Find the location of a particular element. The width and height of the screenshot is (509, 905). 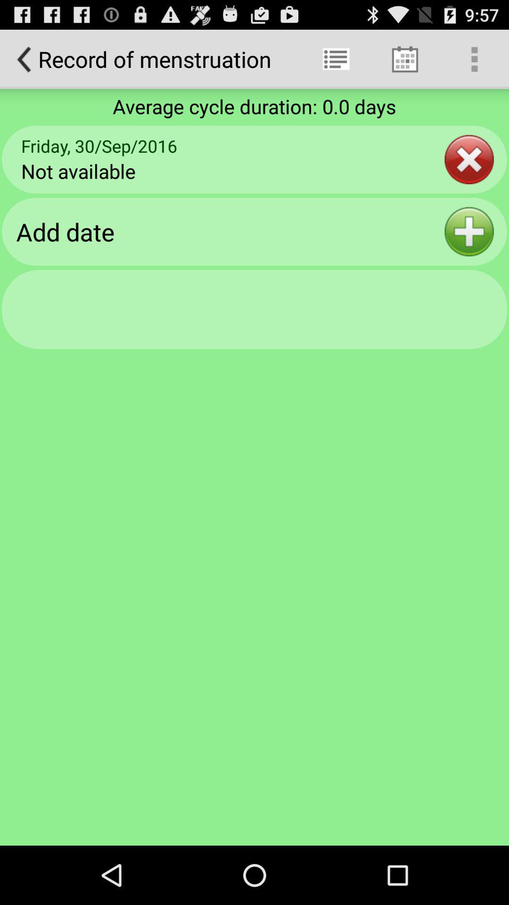

the date what we want for record is located at coordinates (469, 231).